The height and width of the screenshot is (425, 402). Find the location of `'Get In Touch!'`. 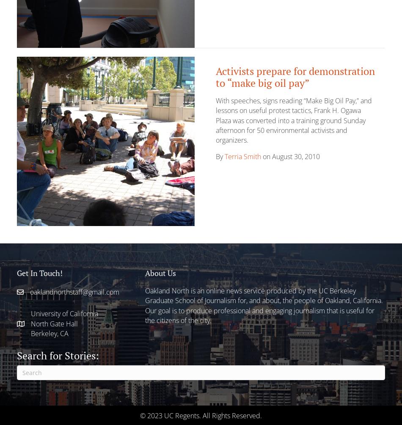

'Get In Touch!' is located at coordinates (39, 272).